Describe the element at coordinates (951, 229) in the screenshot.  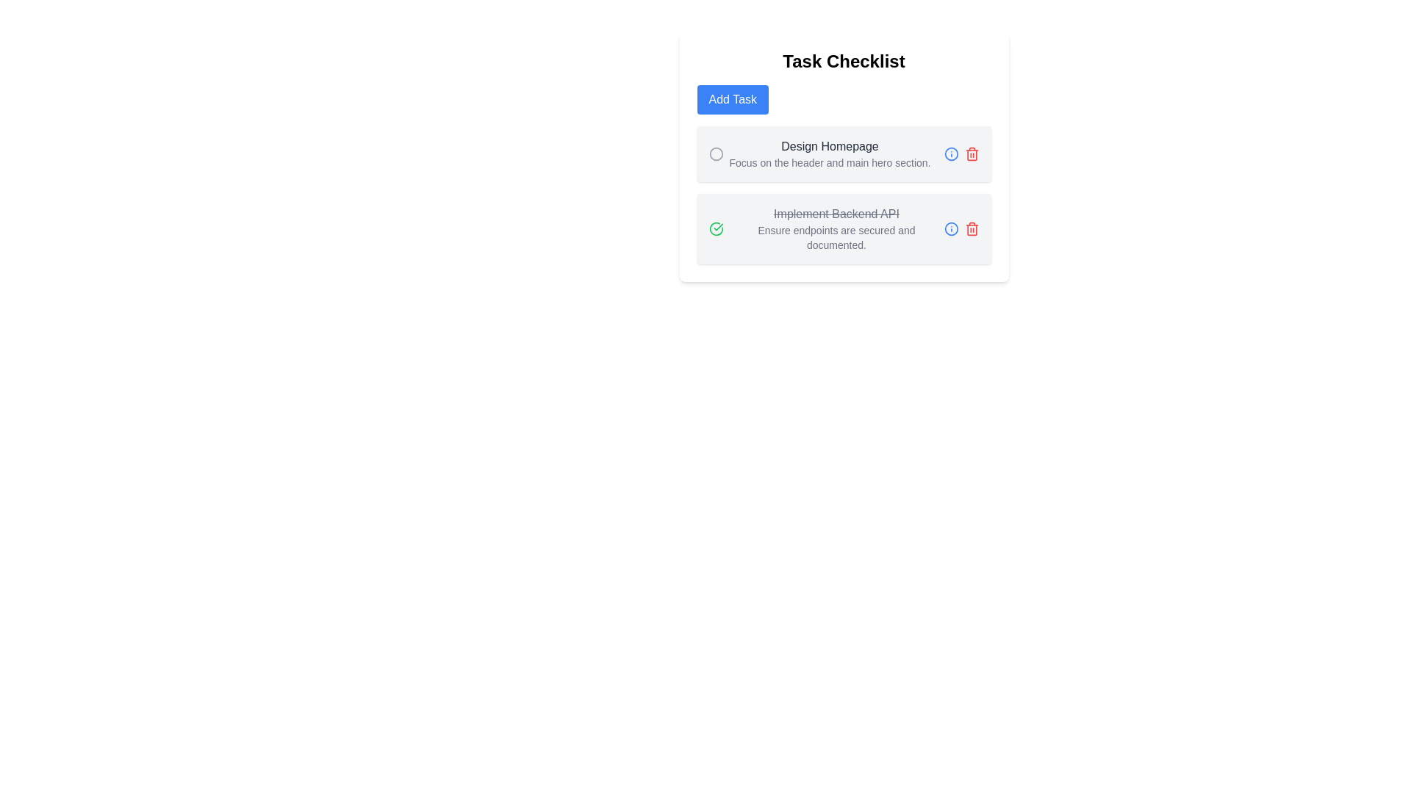
I see `the interactive icon located at the right end of the 'Design Homepage' task item in the 'Task Checklist' UI section` at that location.